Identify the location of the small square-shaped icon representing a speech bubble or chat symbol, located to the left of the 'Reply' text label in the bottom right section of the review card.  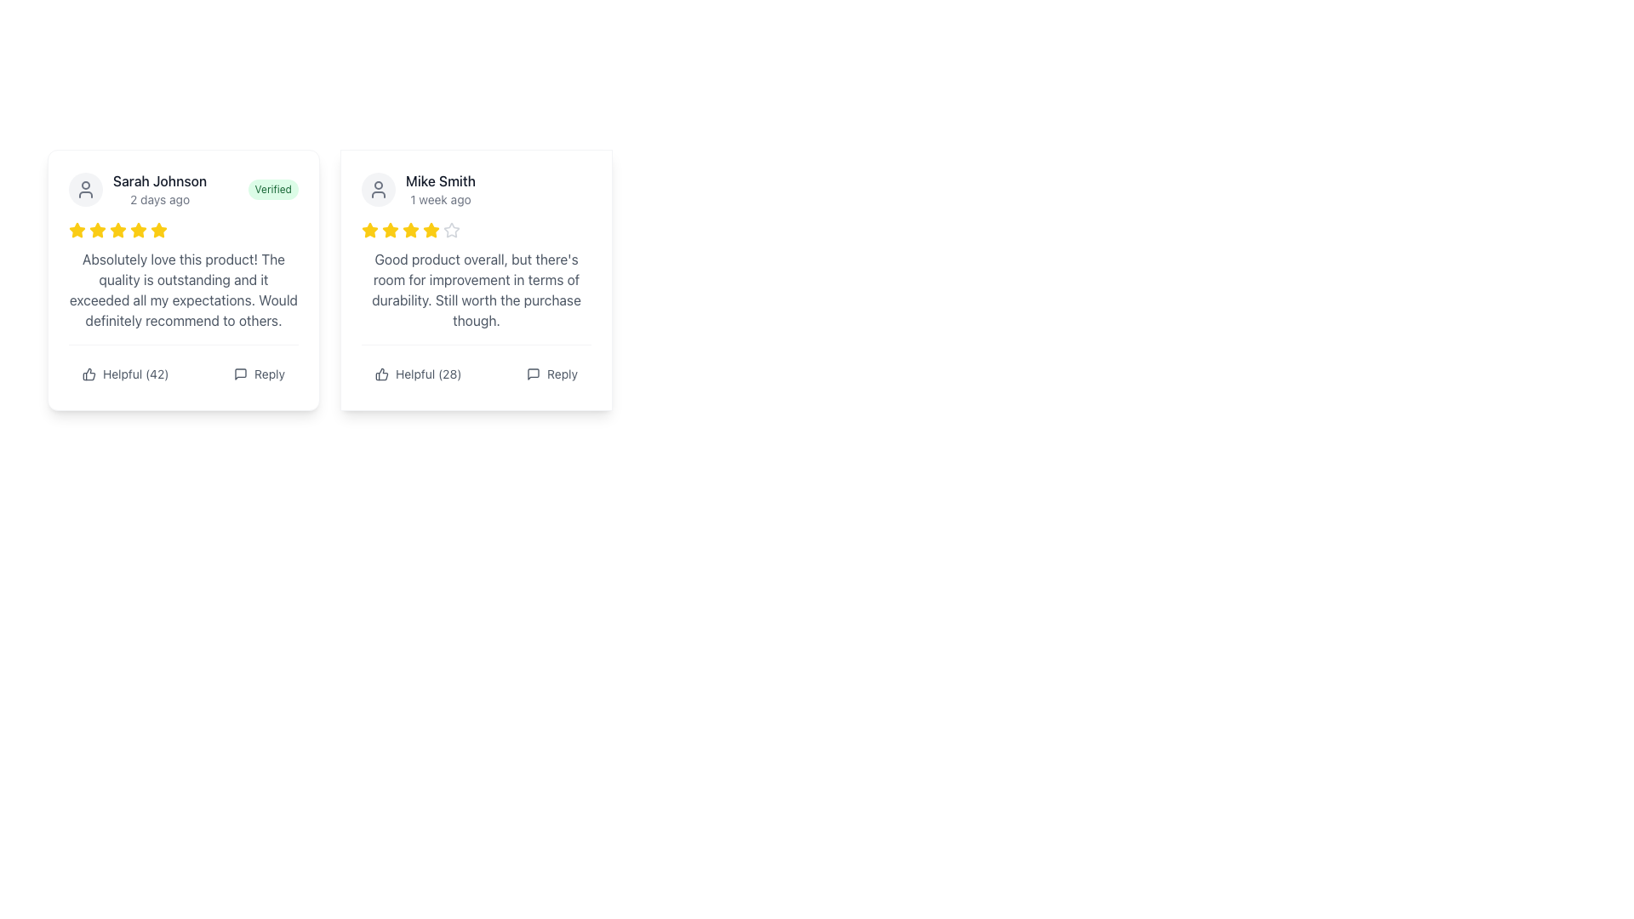
(533, 373).